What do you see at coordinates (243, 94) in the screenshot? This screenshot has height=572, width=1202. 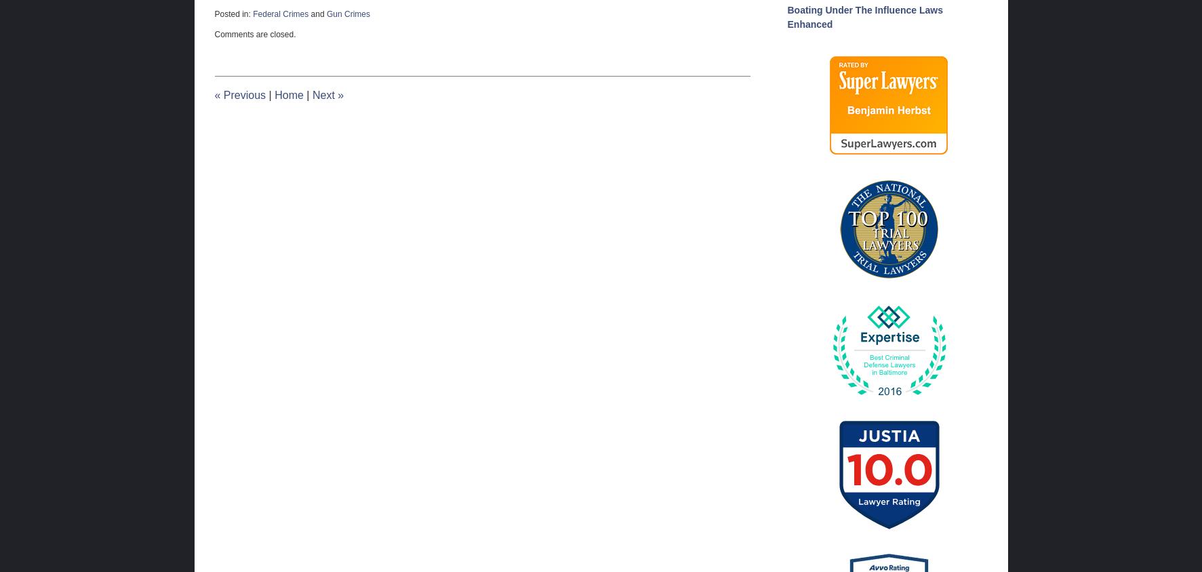 I see `'Previous'` at bounding box center [243, 94].